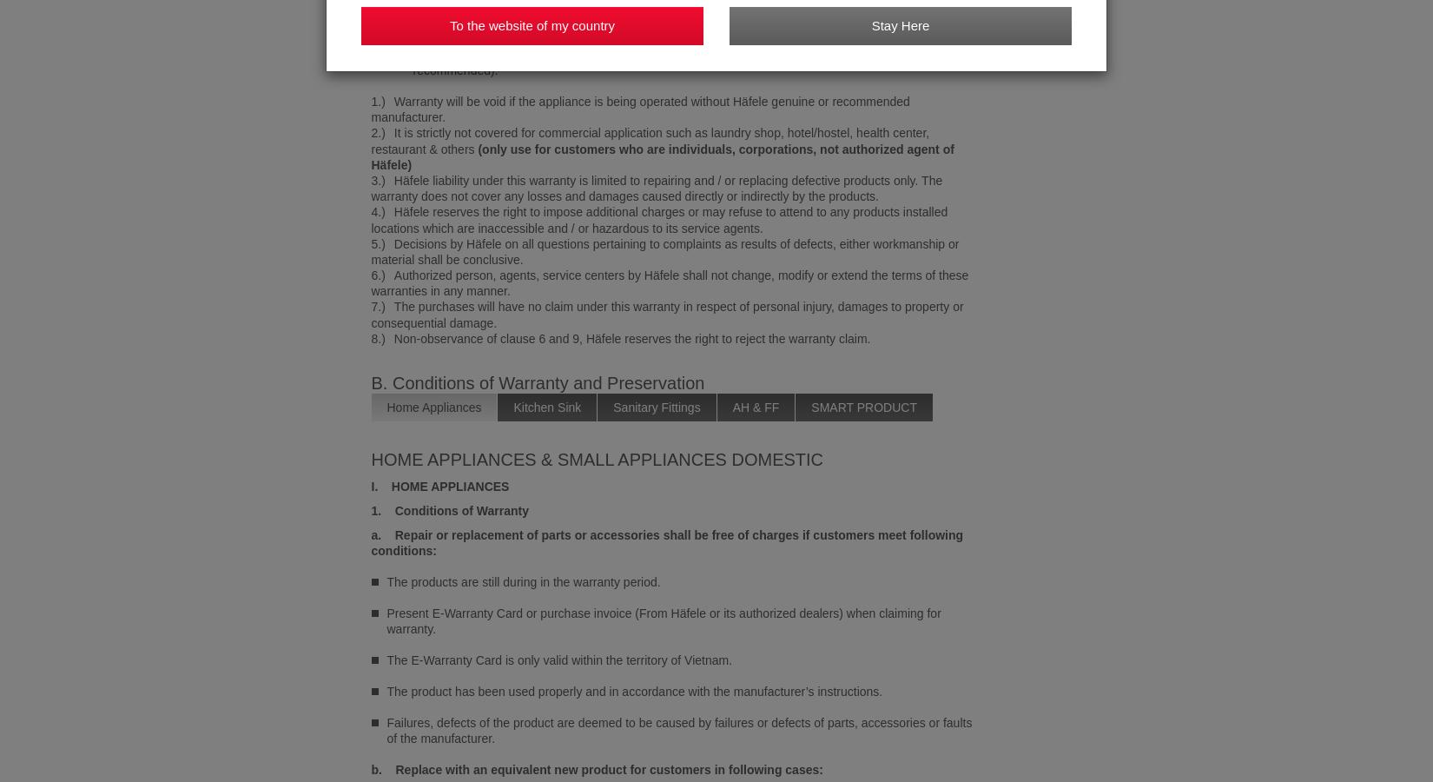 The height and width of the screenshot is (782, 1433). I want to click on 'AH &  FF', so click(756, 406).